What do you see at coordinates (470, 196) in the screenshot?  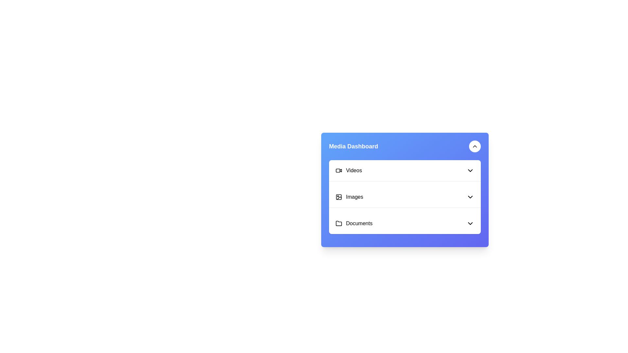 I see `the dropdown indicator icon for the 'Images' section using keyboard navigation` at bounding box center [470, 196].